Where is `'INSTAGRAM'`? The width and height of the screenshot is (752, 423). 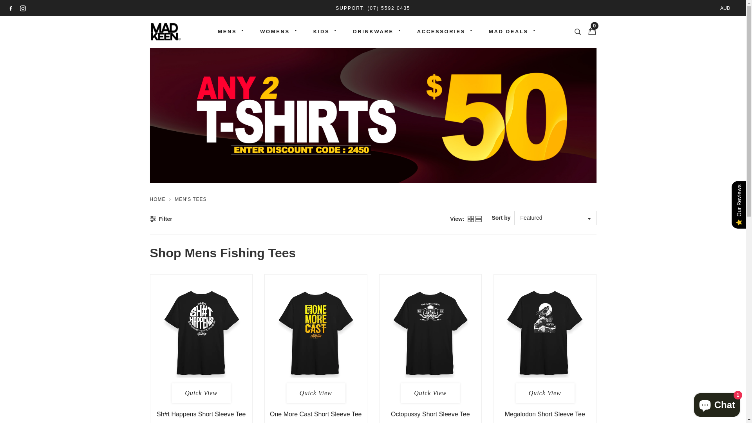
'INSTAGRAM' is located at coordinates (23, 8).